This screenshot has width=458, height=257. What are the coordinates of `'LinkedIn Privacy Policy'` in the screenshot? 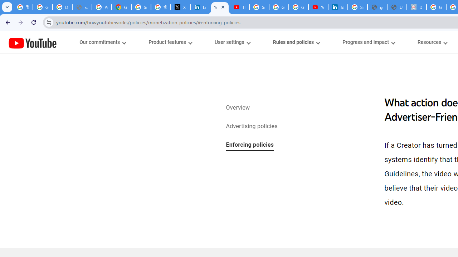 It's located at (200, 7).